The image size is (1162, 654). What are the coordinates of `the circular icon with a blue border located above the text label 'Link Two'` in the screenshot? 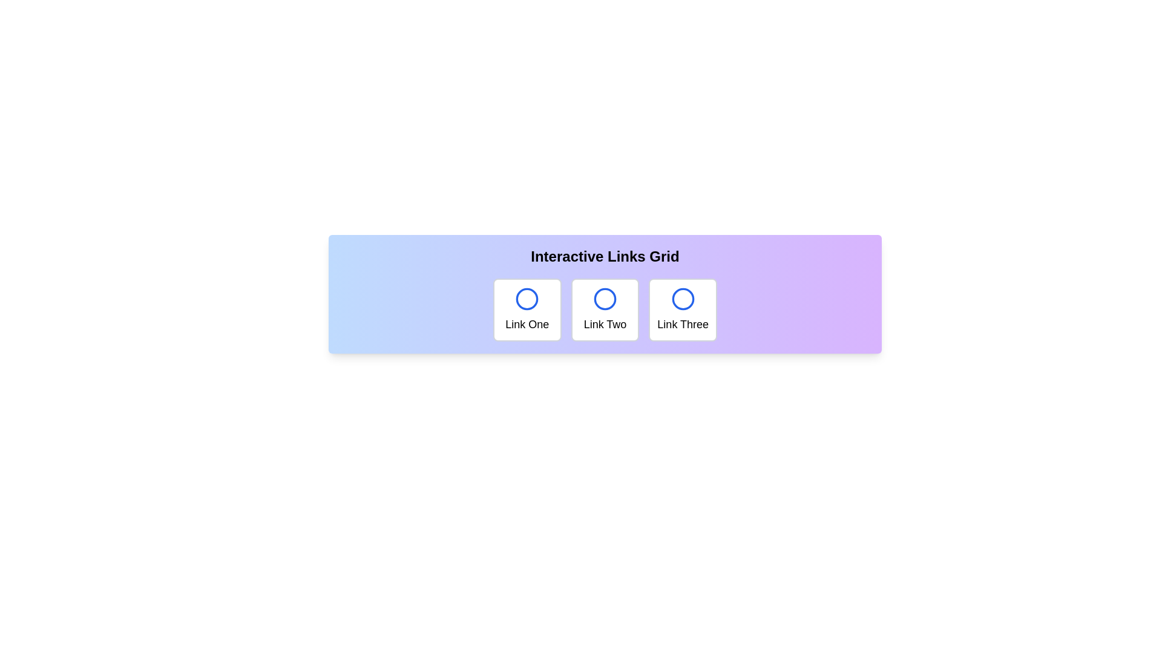 It's located at (605, 299).